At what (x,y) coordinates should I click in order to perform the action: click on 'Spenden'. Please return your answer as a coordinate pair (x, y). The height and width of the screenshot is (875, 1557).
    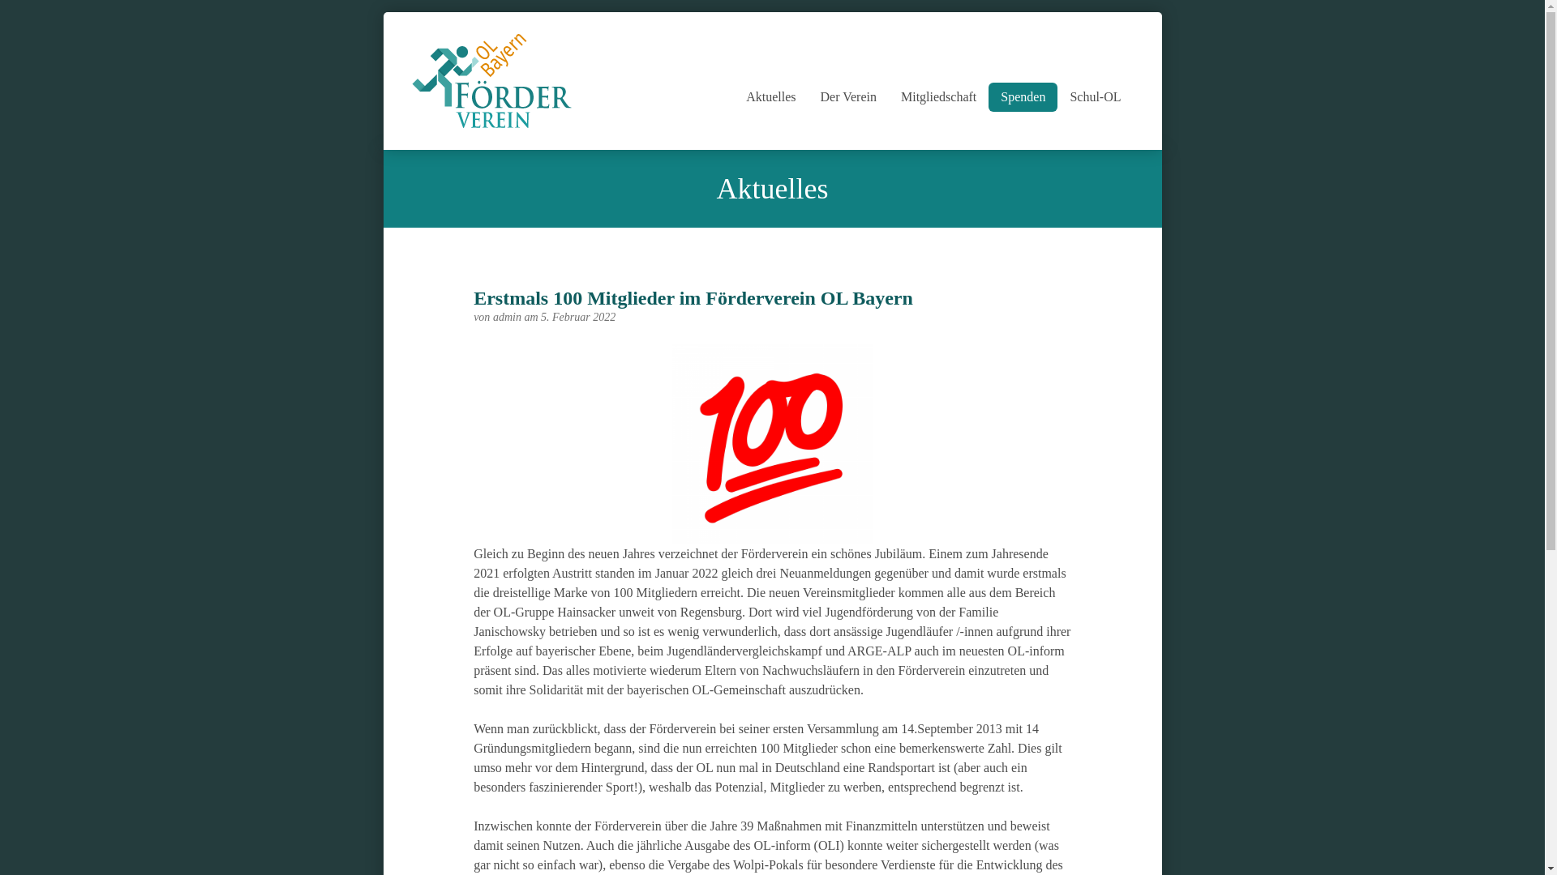
    Looking at the image, I should click on (1022, 96).